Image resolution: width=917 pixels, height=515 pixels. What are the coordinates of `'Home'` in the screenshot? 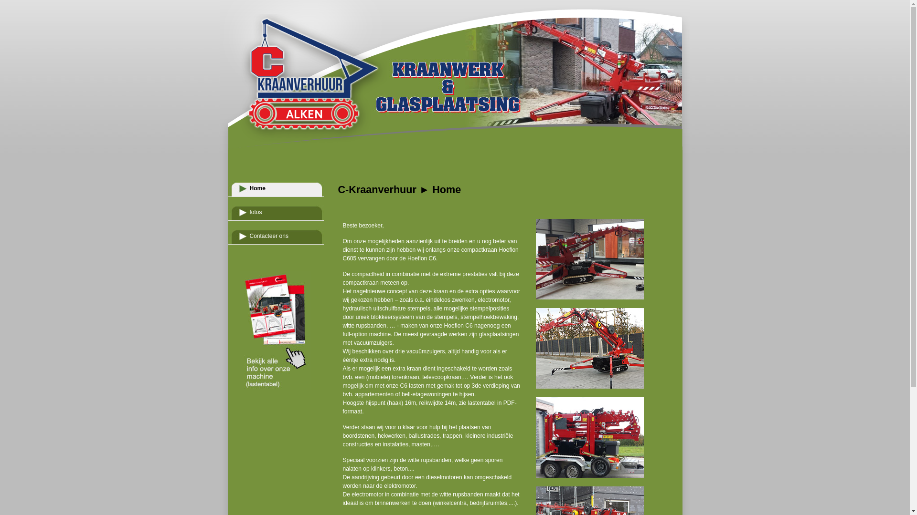 It's located at (275, 189).